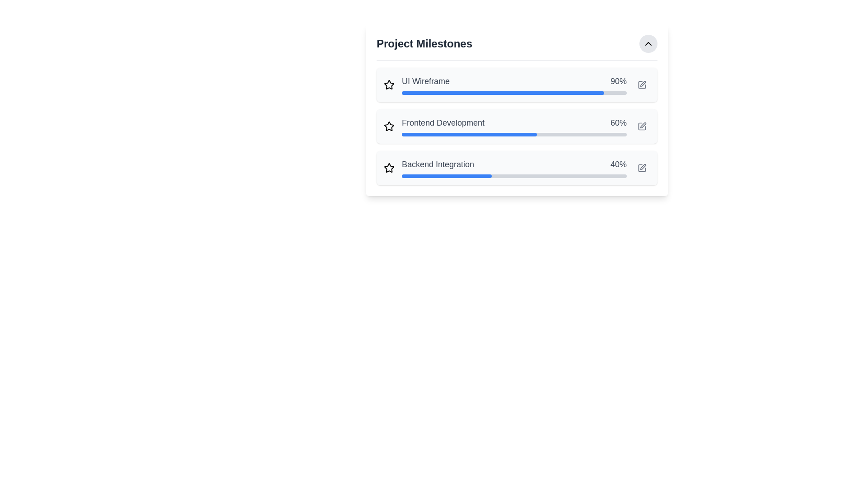  I want to click on the edit button located on the far-right side of the card labeled 'Backend Integration 40%' in the 'Project Milestones' section, so click(641, 168).